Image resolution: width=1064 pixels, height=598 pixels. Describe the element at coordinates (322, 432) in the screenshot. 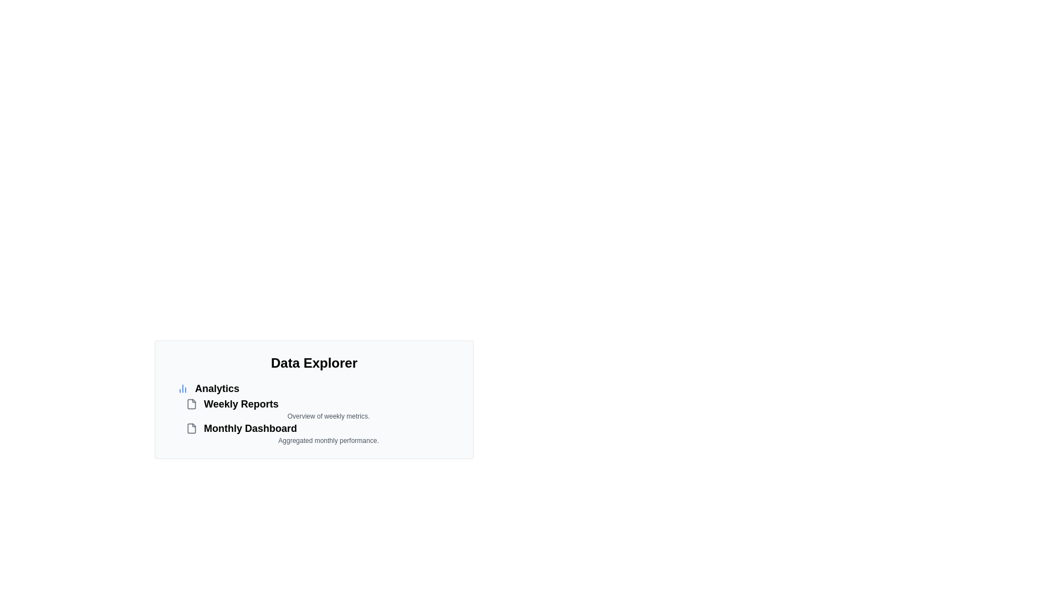

I see `the 'Monthly Dashboard' text item with subtitle, which is the last item in the list under 'Data Explorer.'` at that location.